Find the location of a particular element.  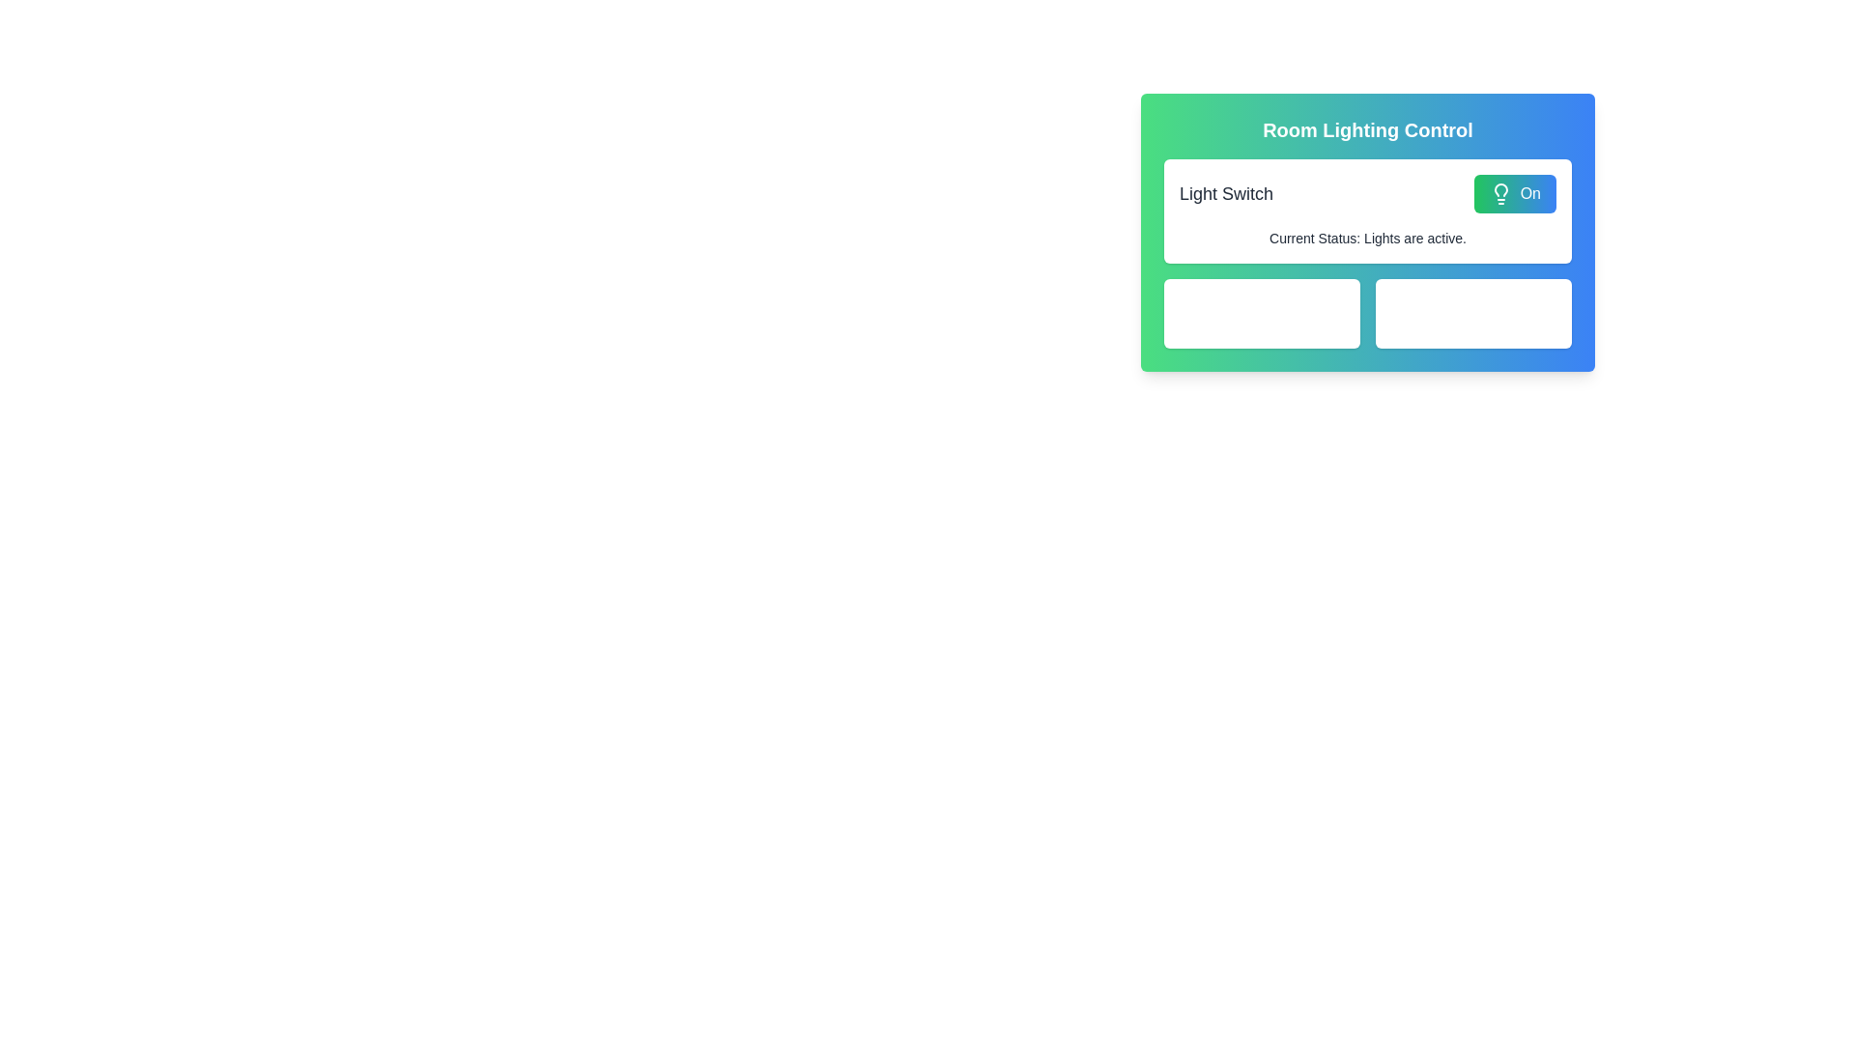

the text element displaying 'On' in white within the green to blue gradient button located in the top-right section of the 'Room Lighting Control' panel is located at coordinates (1529, 193).